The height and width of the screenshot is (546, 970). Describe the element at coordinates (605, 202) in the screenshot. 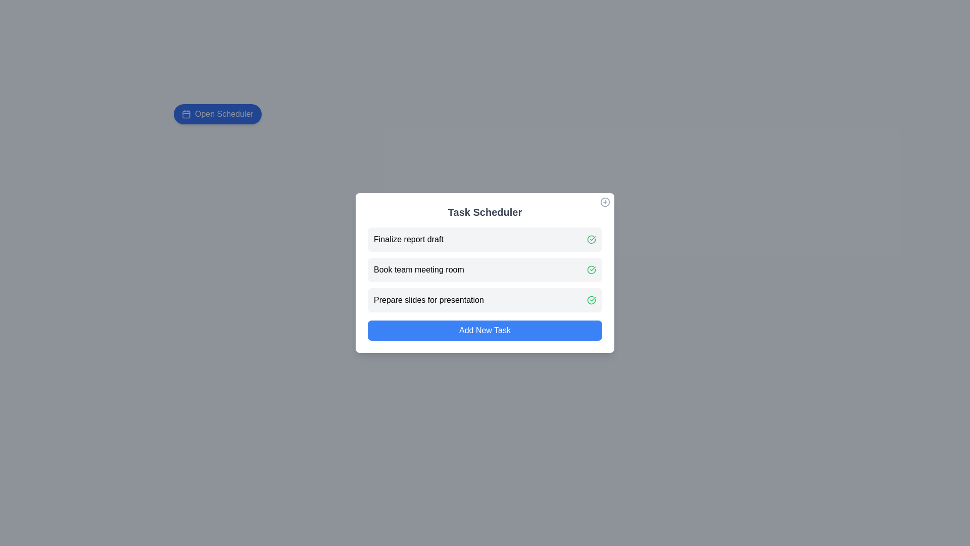

I see `the circular SVG button with a plus symbol located in the top-right corner of the Task Scheduler interface` at that location.